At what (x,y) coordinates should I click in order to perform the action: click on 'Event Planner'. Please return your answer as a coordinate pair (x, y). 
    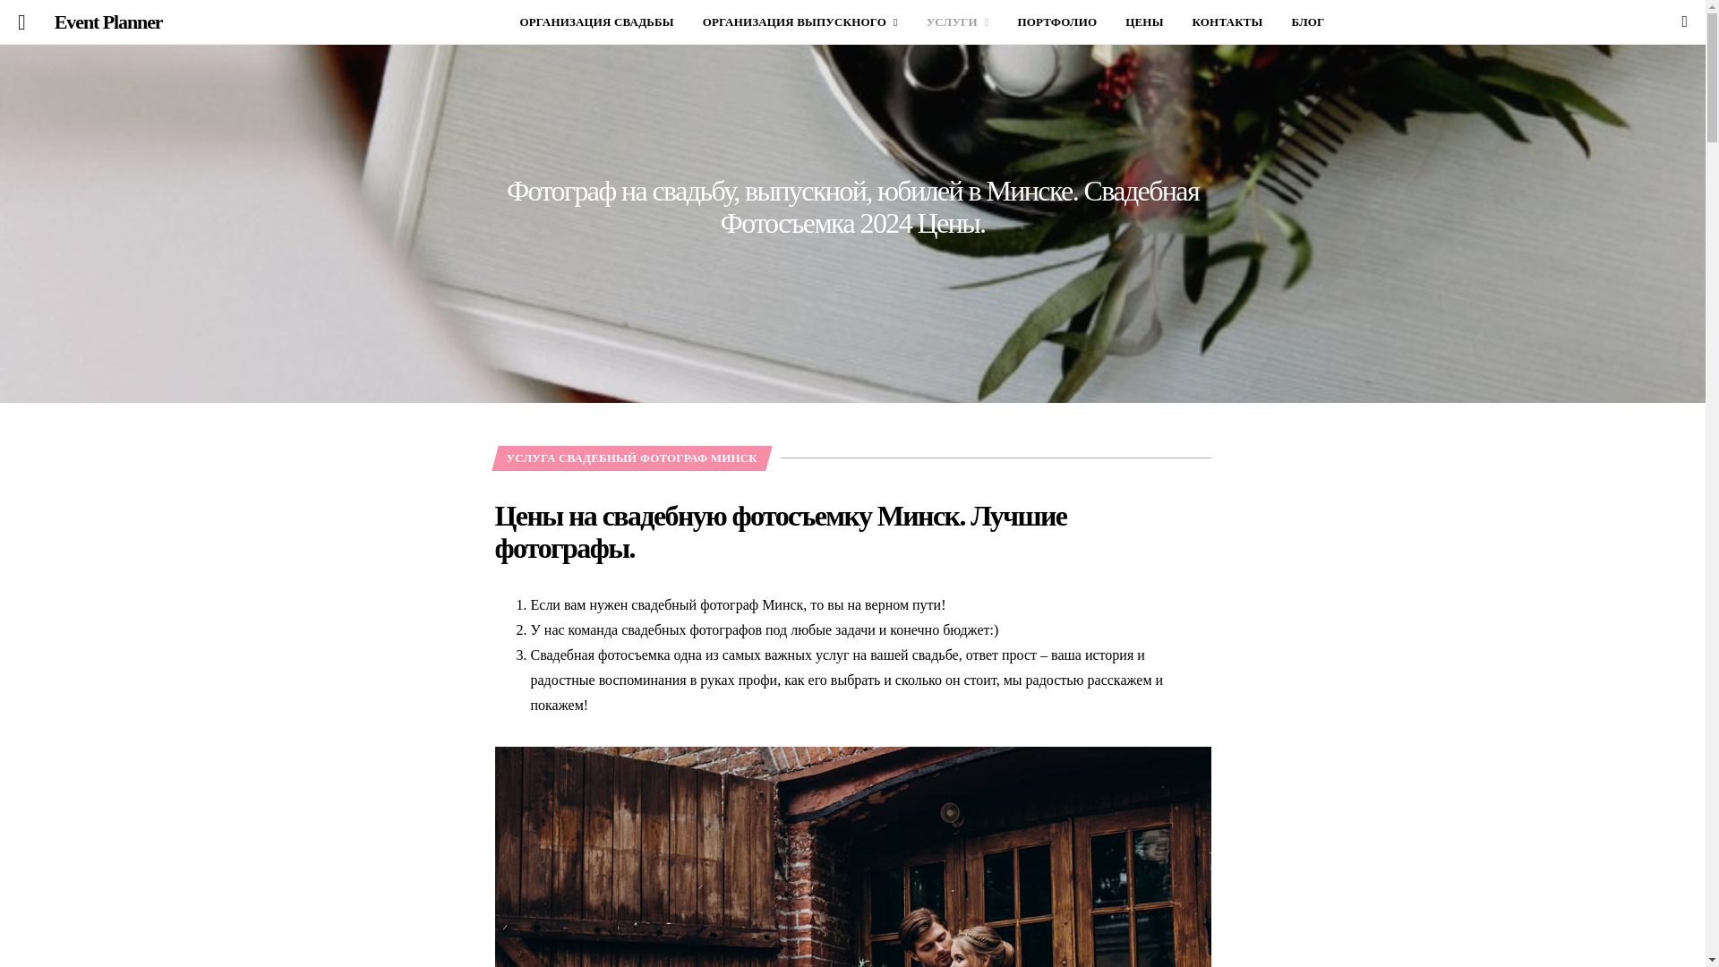
    Looking at the image, I should click on (107, 21).